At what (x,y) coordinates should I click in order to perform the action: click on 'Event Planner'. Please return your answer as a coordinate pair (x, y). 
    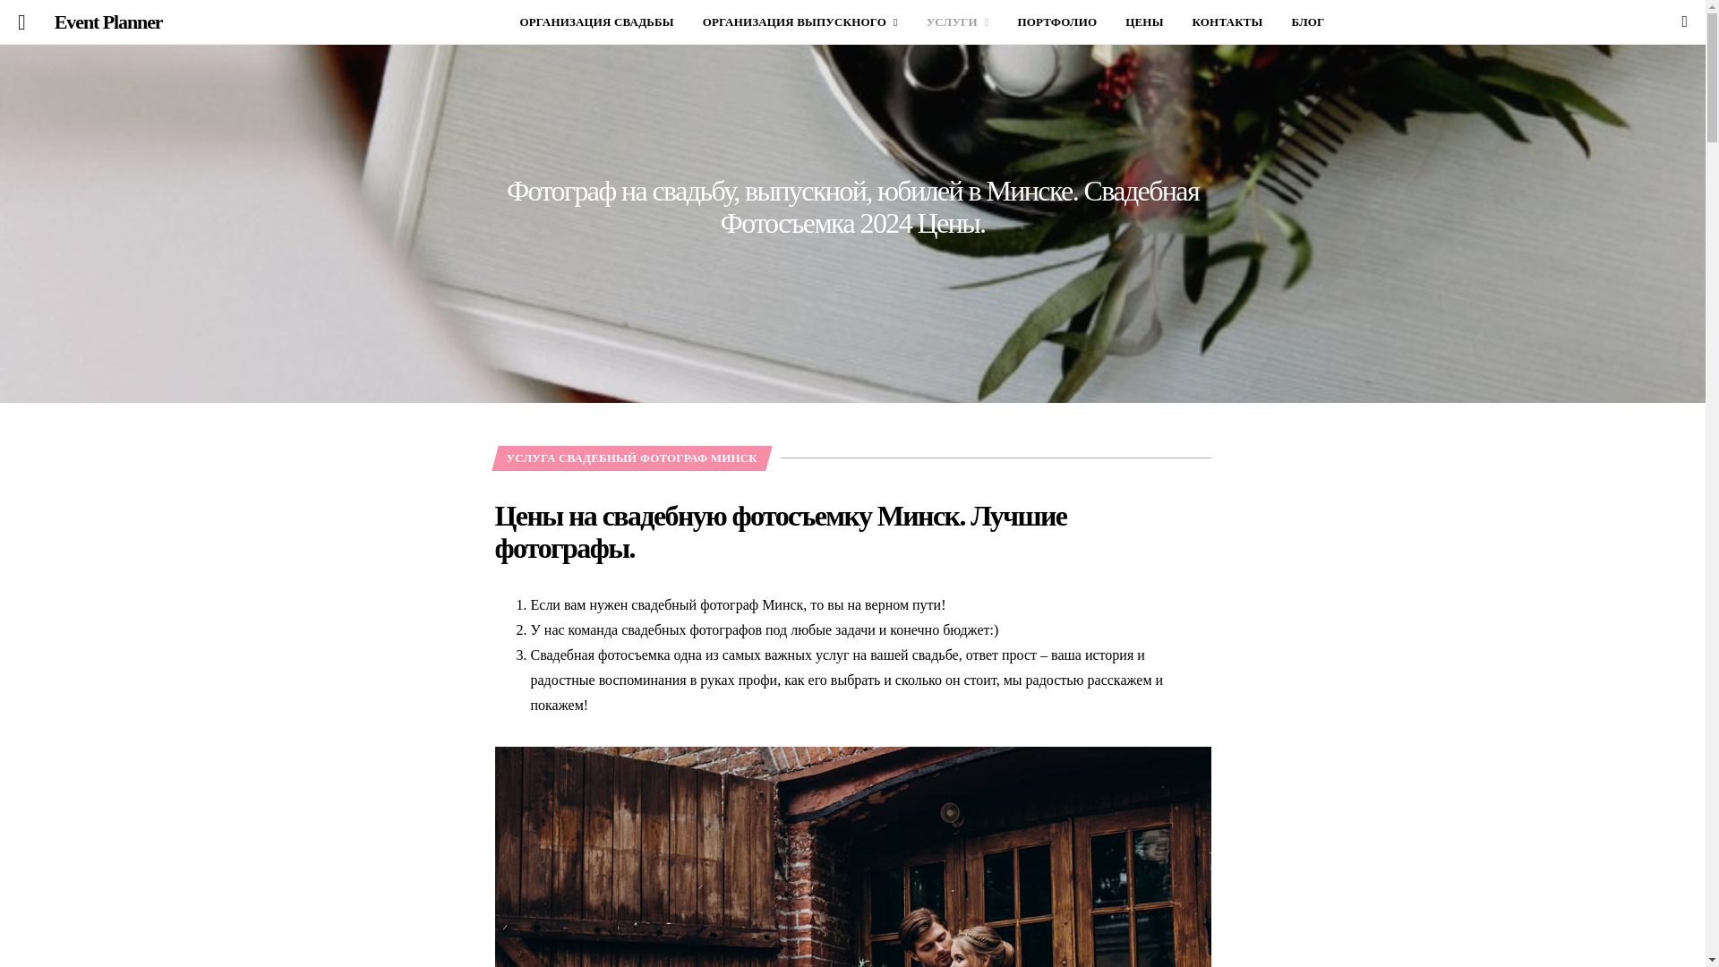
    Looking at the image, I should click on (107, 21).